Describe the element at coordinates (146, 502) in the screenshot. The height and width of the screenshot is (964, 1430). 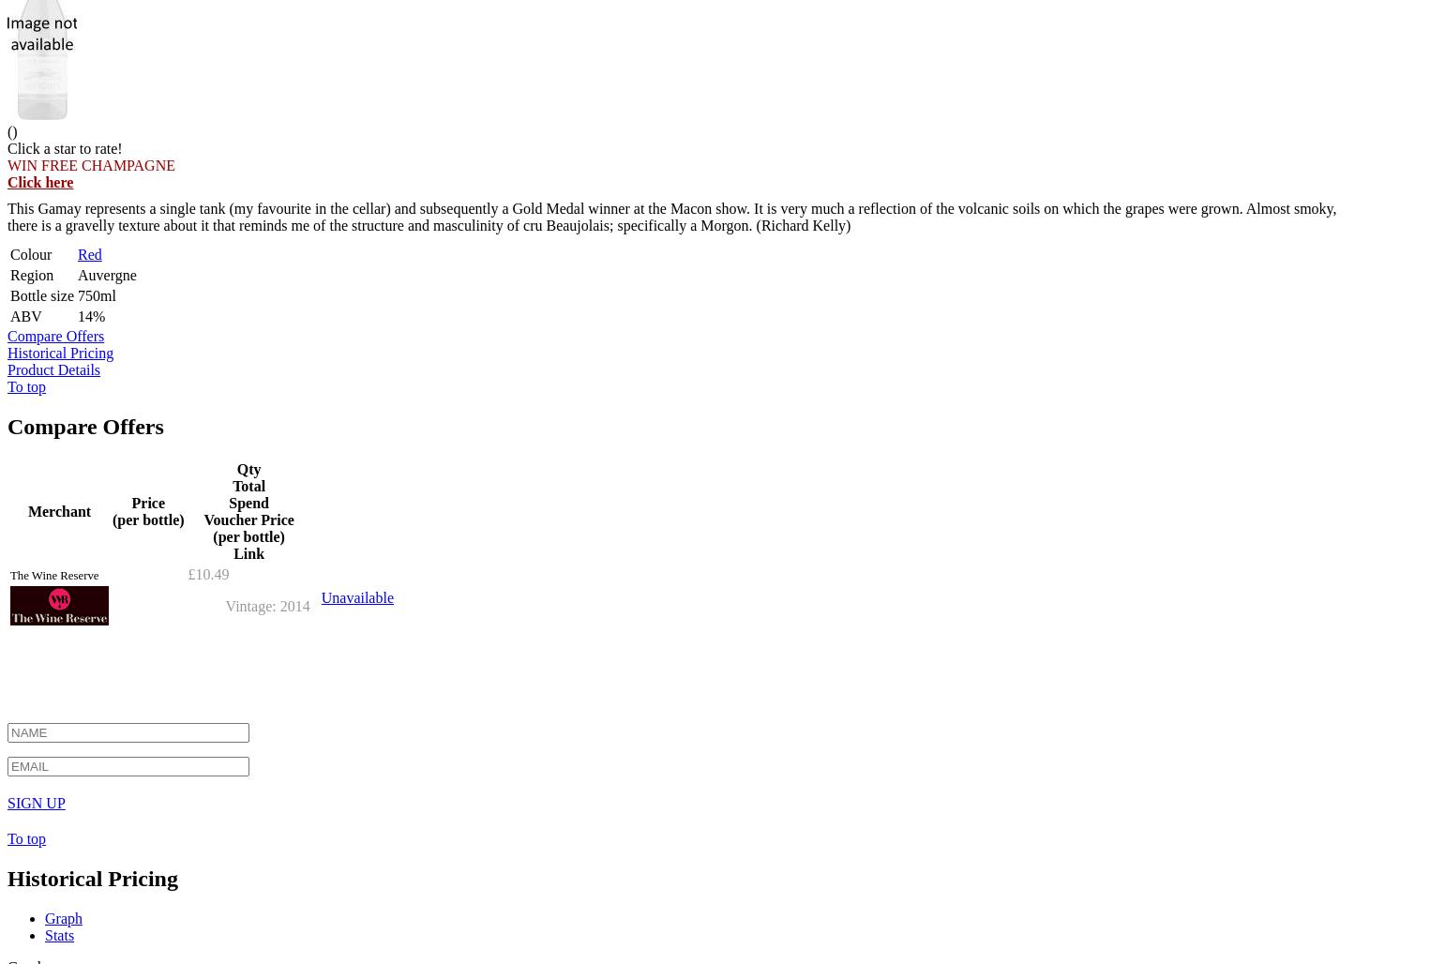
I see `'Price'` at that location.